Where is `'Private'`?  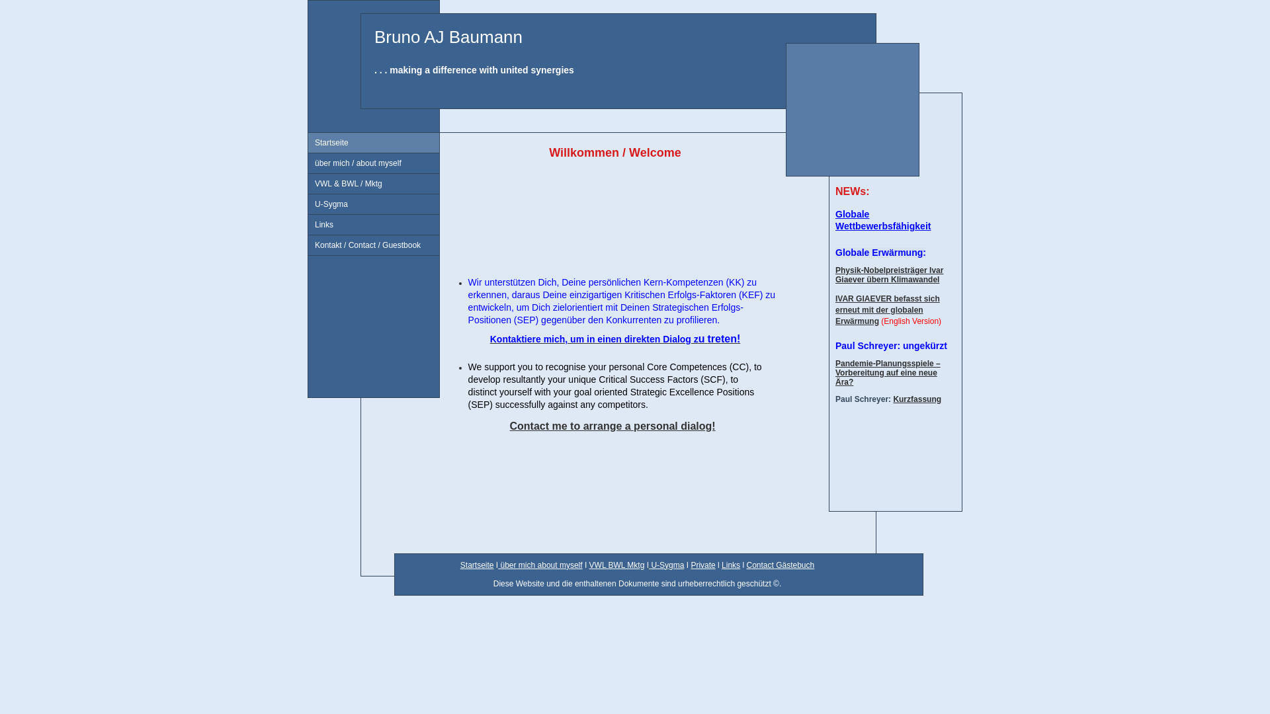
'Private' is located at coordinates (689, 565).